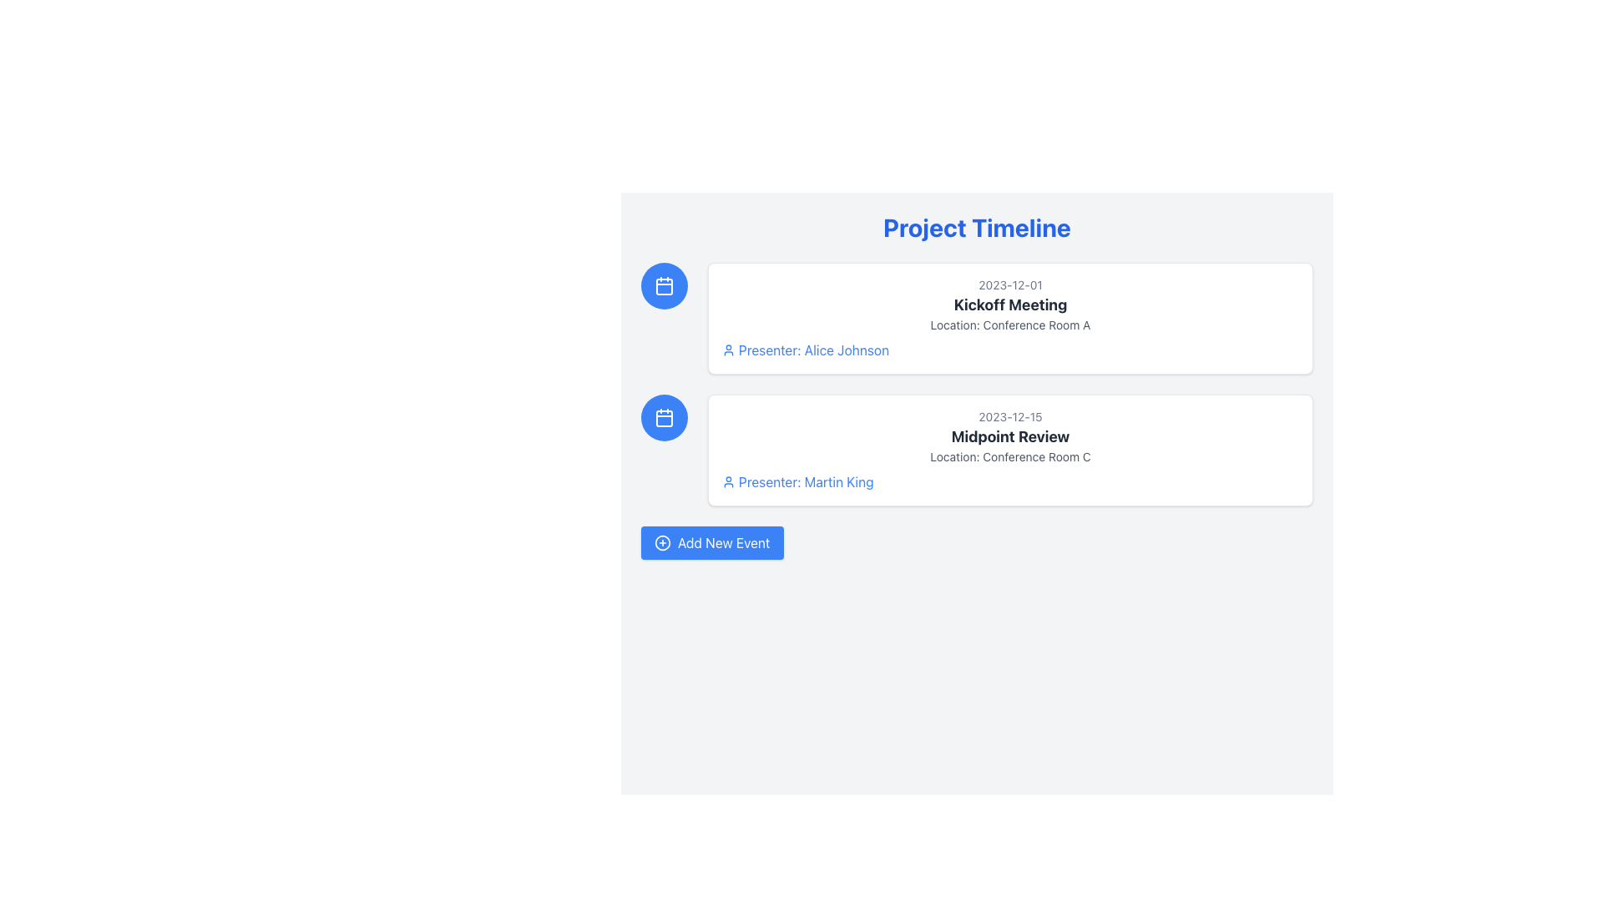 Image resolution: width=1603 pixels, height=901 pixels. I want to click on the Text label that informs users about the specific location of the kickoff meeting, which is located below the title 'Kickoff Meeting' and above the presenter's information, so click(1009, 325).